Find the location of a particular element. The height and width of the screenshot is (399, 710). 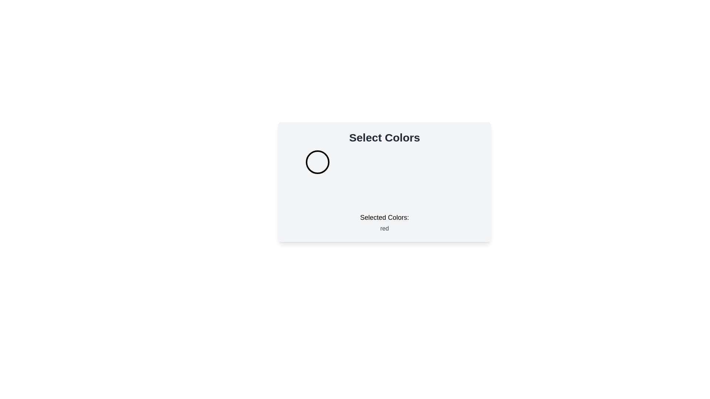

the rightmost circular button in the color selection interface is located at coordinates (451, 191).